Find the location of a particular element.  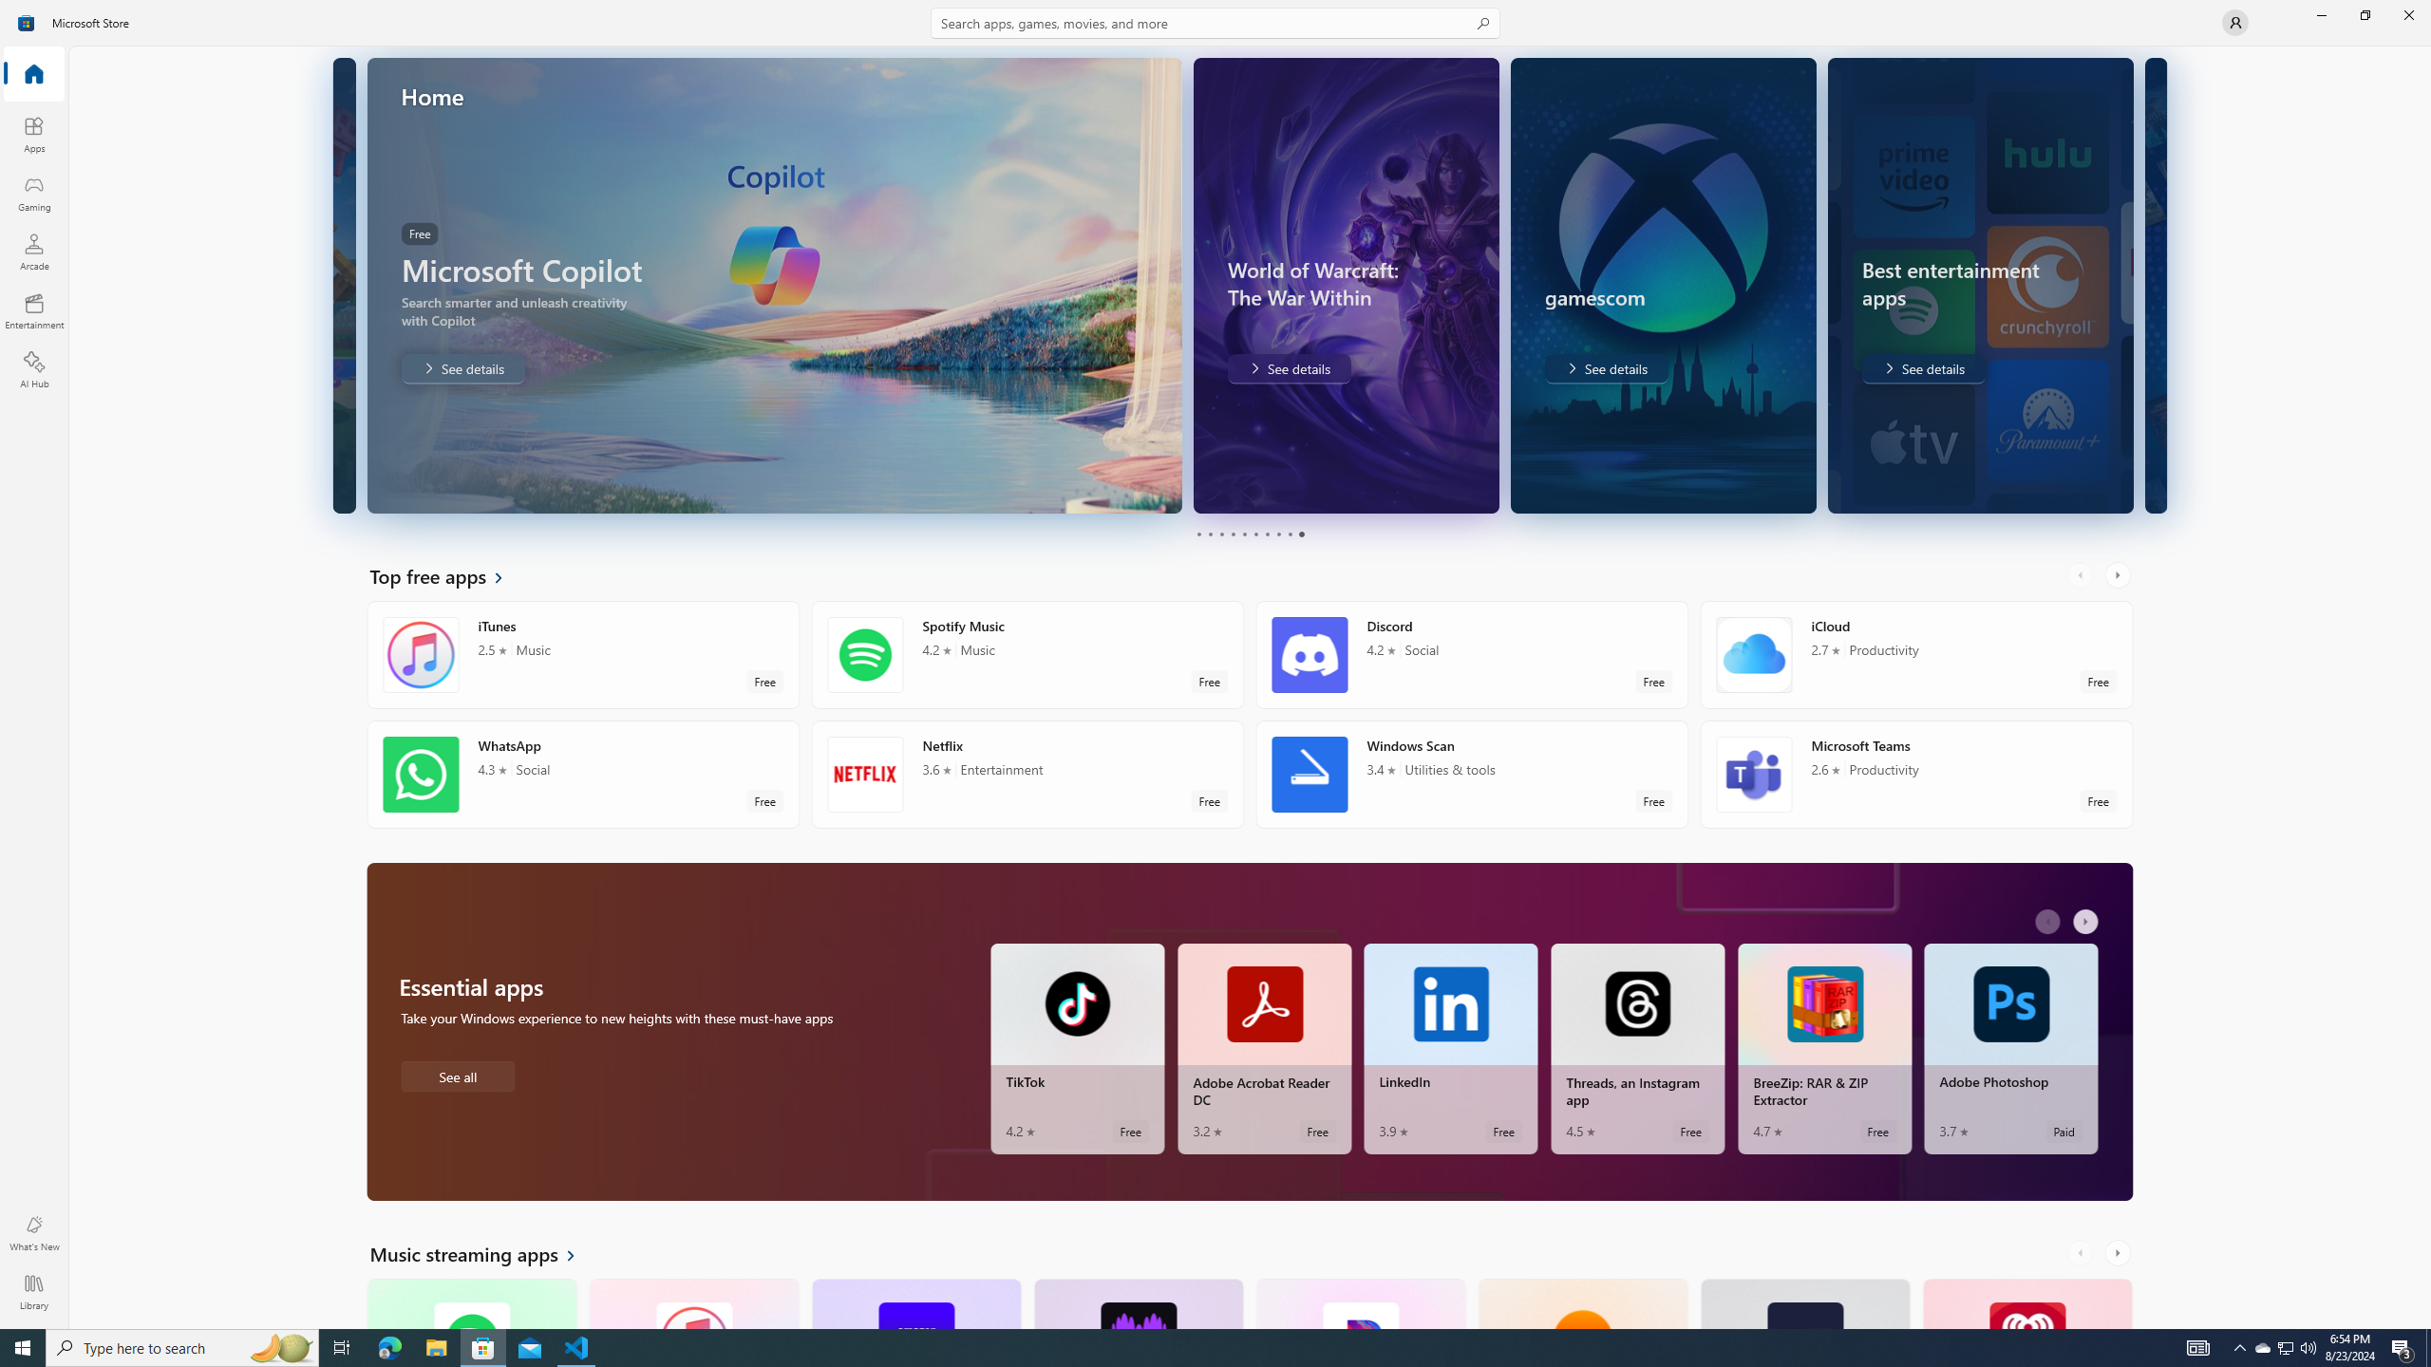

'Arcade' is located at coordinates (32, 251).